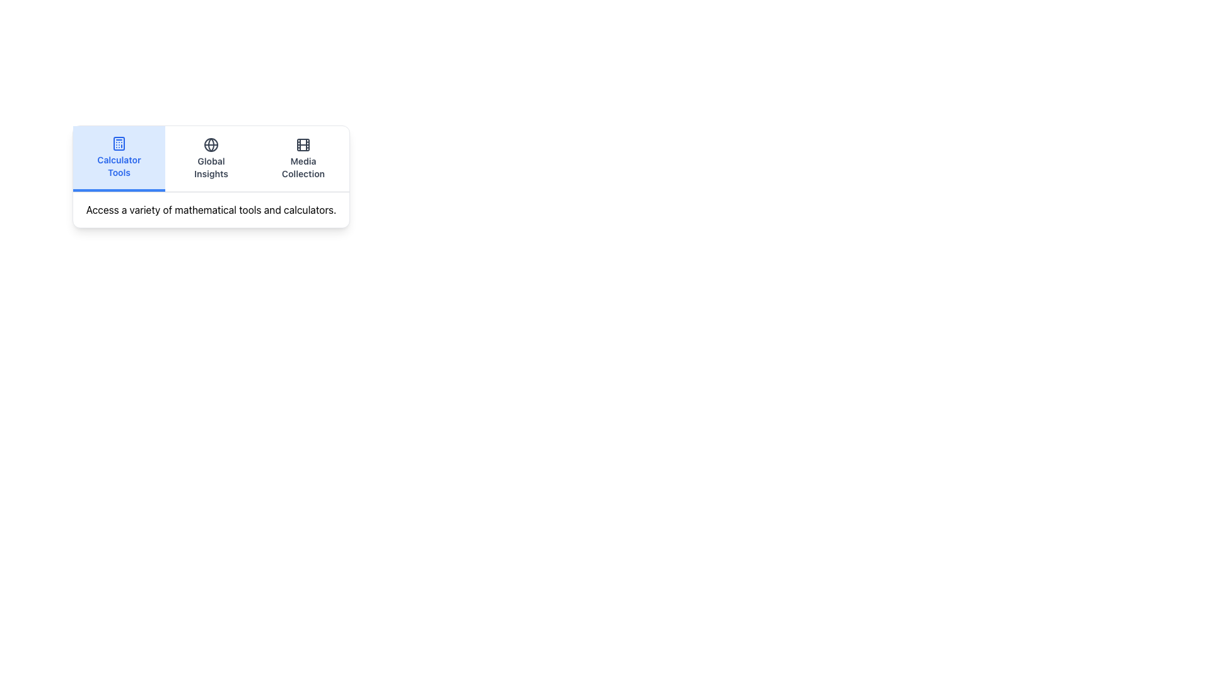  I want to click on the decorative SVG rectangle icon located in the top-left corner of the 'Media Collection' button area, so click(303, 144).